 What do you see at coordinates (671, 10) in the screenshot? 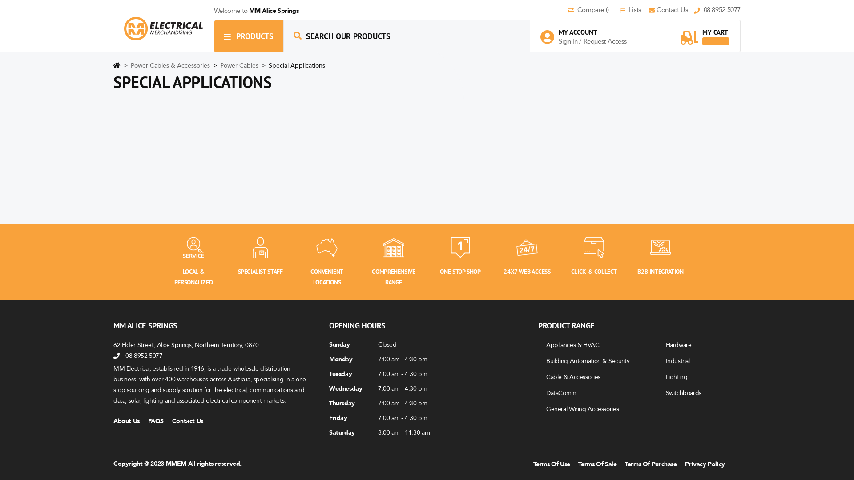
I see `'Contact Us'` at bounding box center [671, 10].